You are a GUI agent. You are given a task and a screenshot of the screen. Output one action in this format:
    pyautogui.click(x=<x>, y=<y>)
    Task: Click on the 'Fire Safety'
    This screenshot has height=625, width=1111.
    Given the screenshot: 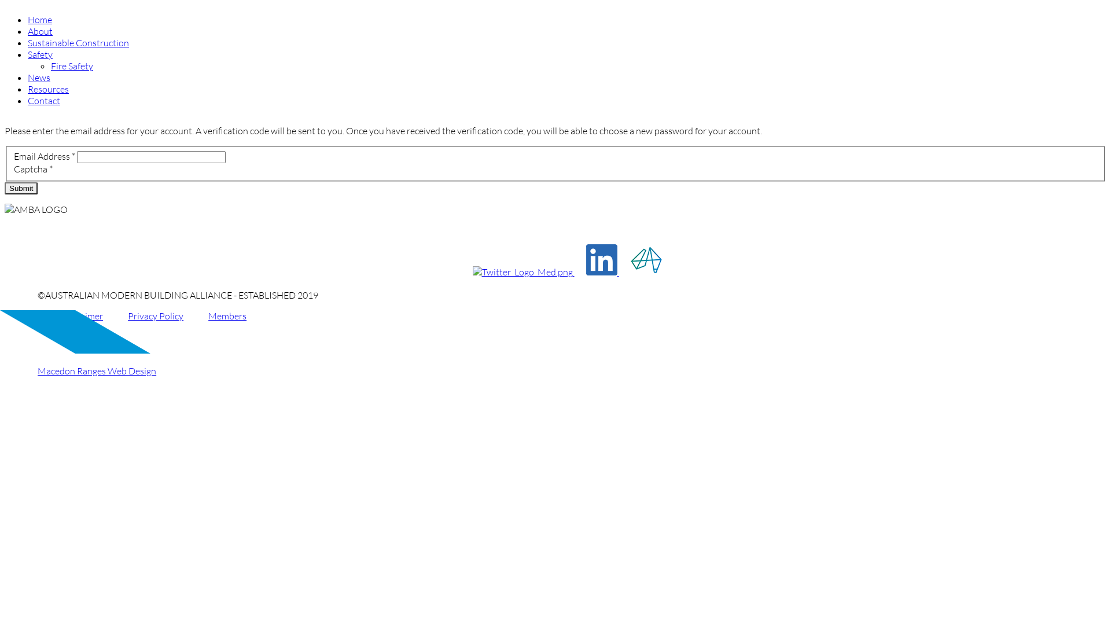 What is the action you would take?
    pyautogui.click(x=71, y=66)
    